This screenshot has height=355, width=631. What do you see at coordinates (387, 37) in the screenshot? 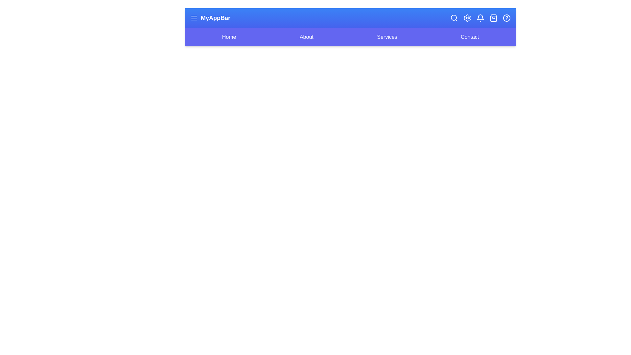
I see `the navigation link labeled 'Services'` at bounding box center [387, 37].